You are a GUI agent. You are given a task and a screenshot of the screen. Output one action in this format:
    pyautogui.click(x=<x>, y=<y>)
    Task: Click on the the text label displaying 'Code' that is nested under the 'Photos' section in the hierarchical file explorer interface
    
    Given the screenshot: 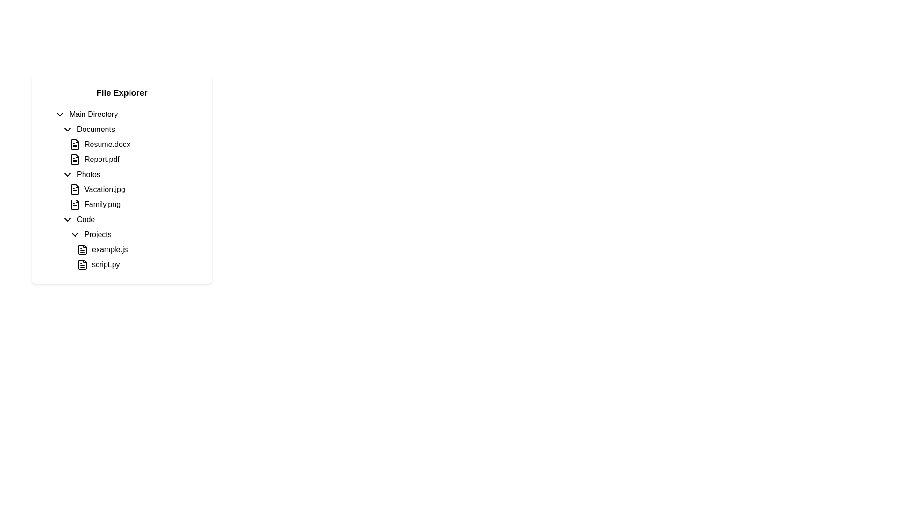 What is the action you would take?
    pyautogui.click(x=86, y=219)
    